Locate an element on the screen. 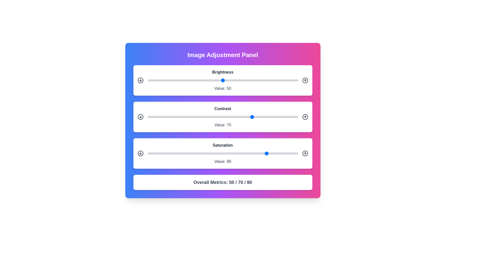 The height and width of the screenshot is (274, 488). contrast is located at coordinates (158, 117).